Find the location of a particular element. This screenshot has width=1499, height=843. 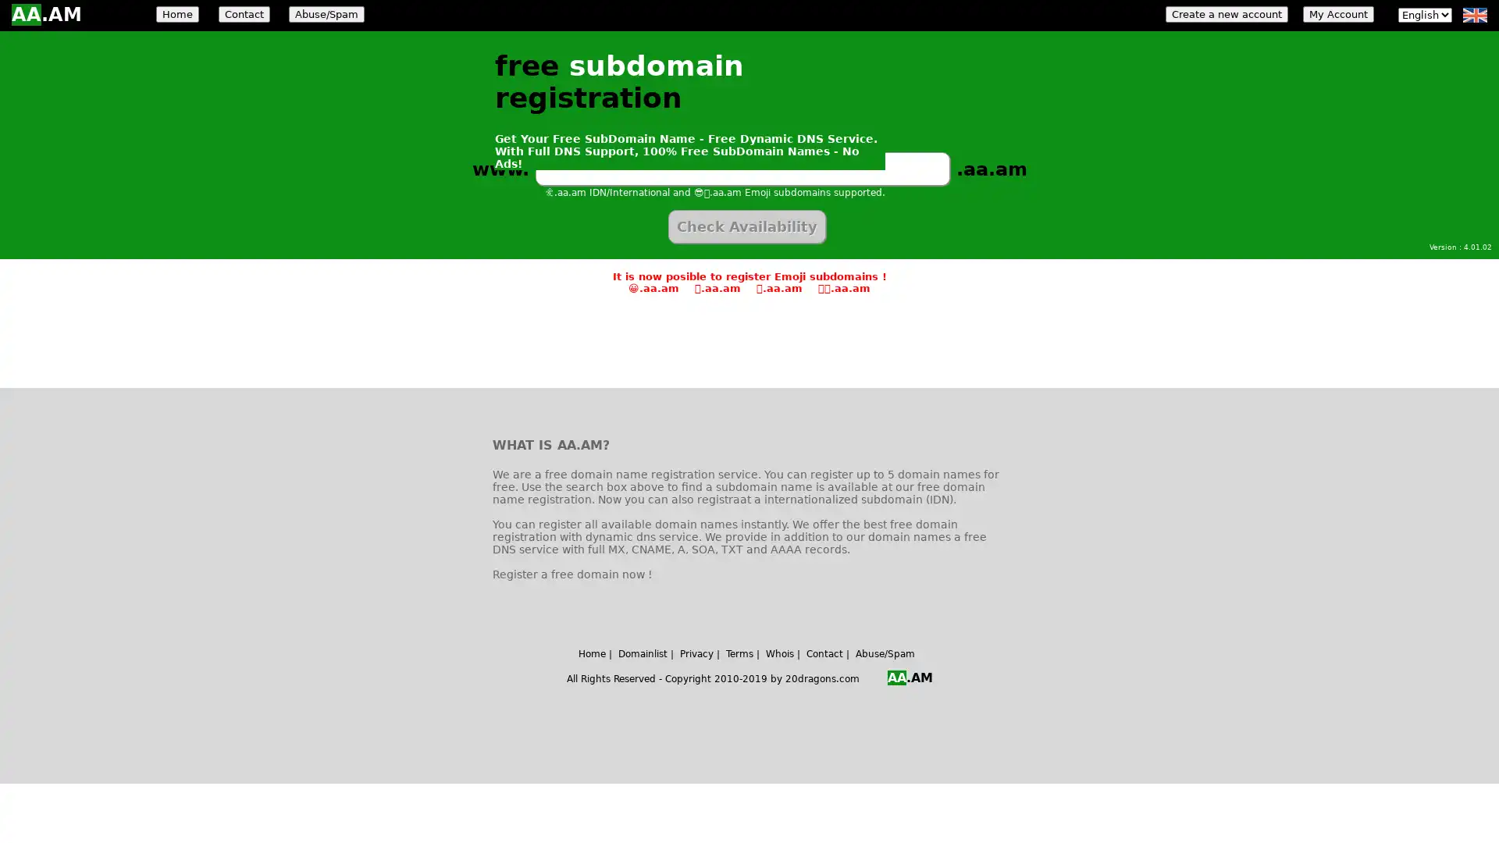

Create a new account is located at coordinates (1226, 14).